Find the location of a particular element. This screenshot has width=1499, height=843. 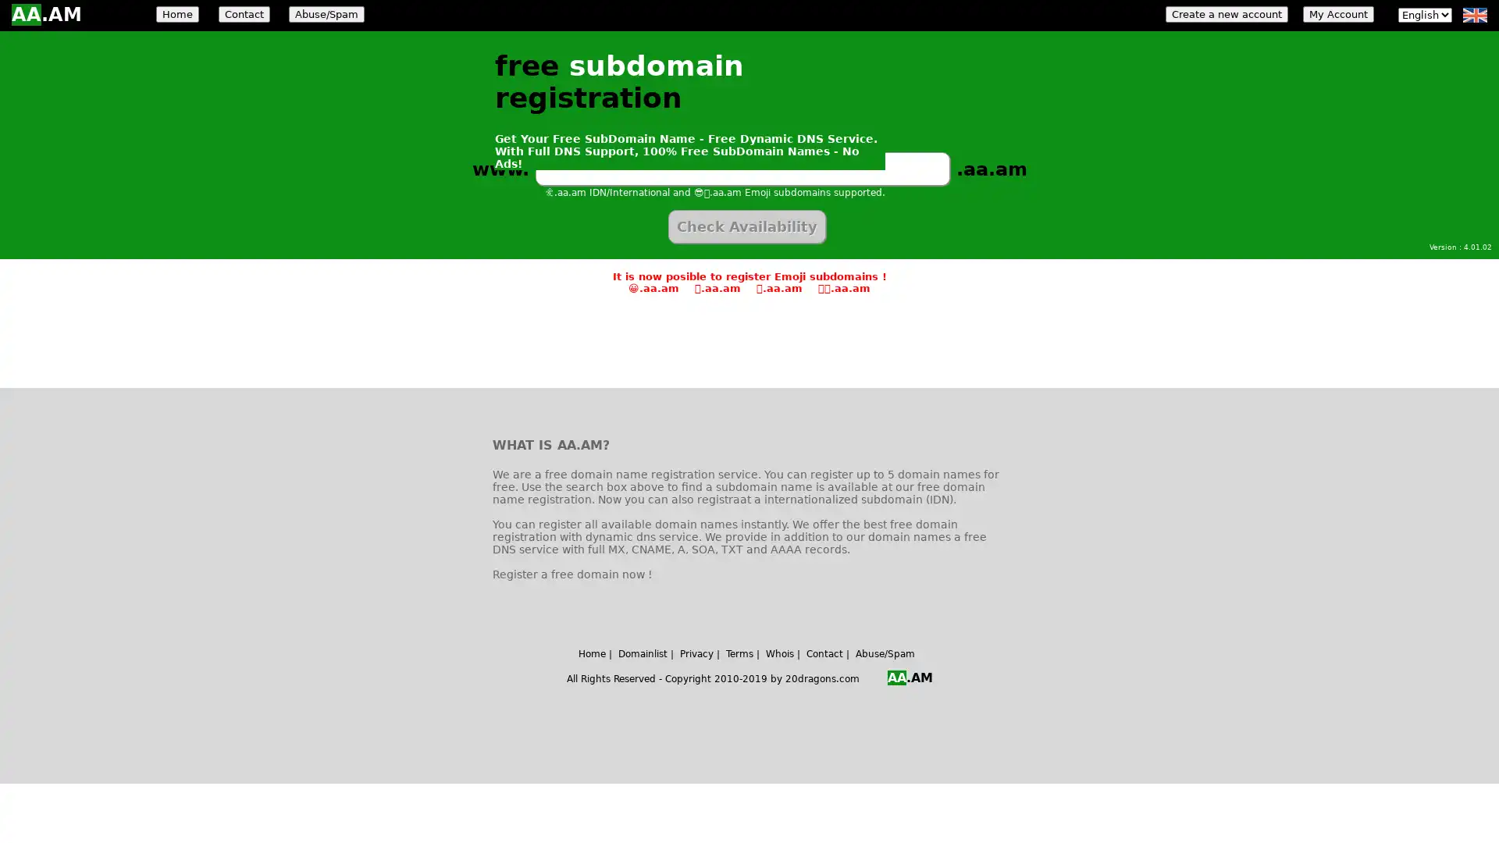

Create a new account is located at coordinates (1226, 14).